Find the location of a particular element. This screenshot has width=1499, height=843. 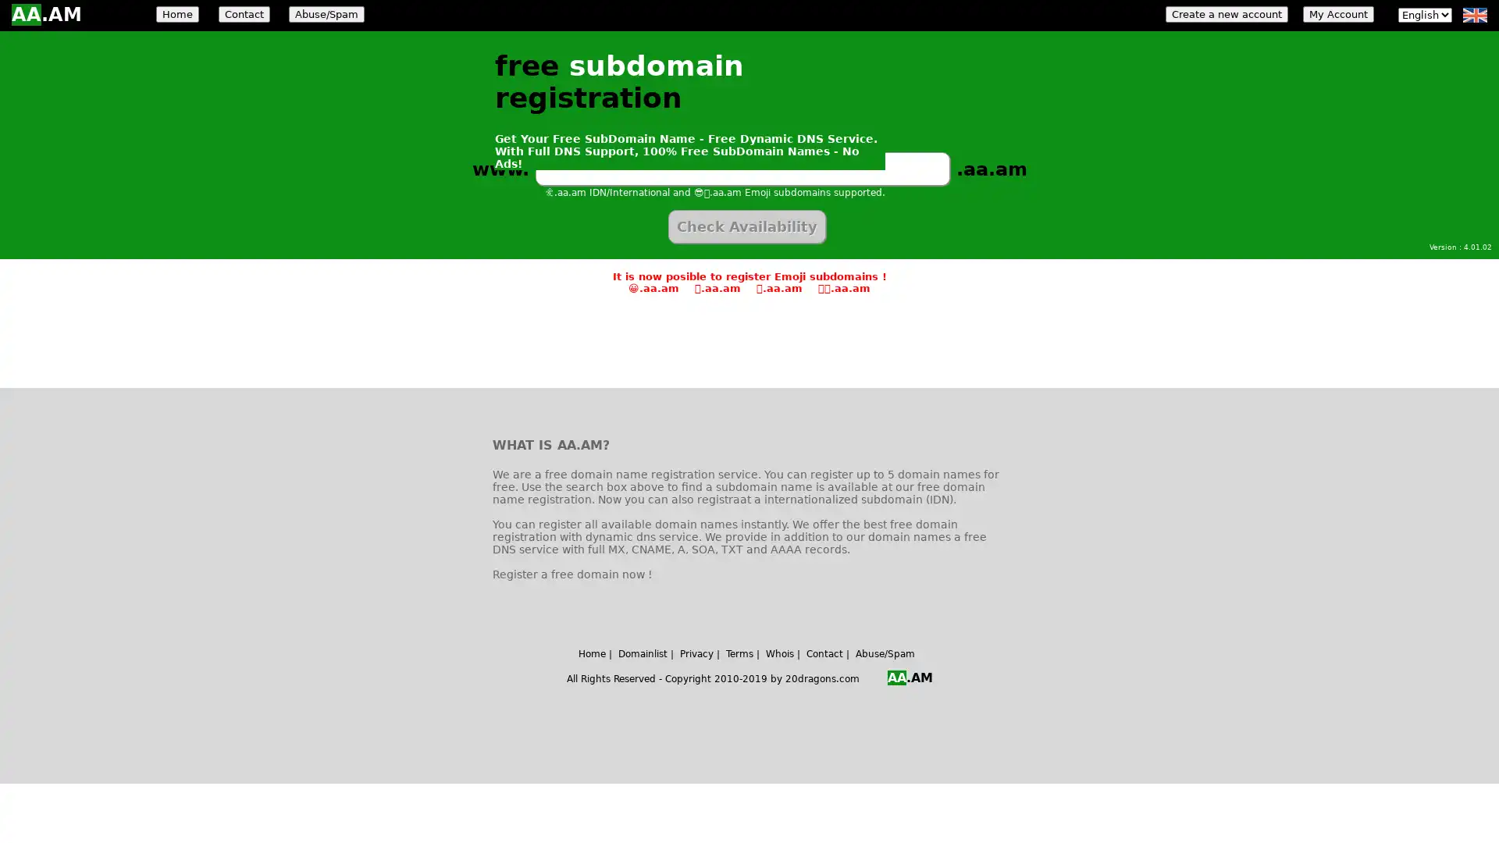

Create a new account is located at coordinates (1226, 14).